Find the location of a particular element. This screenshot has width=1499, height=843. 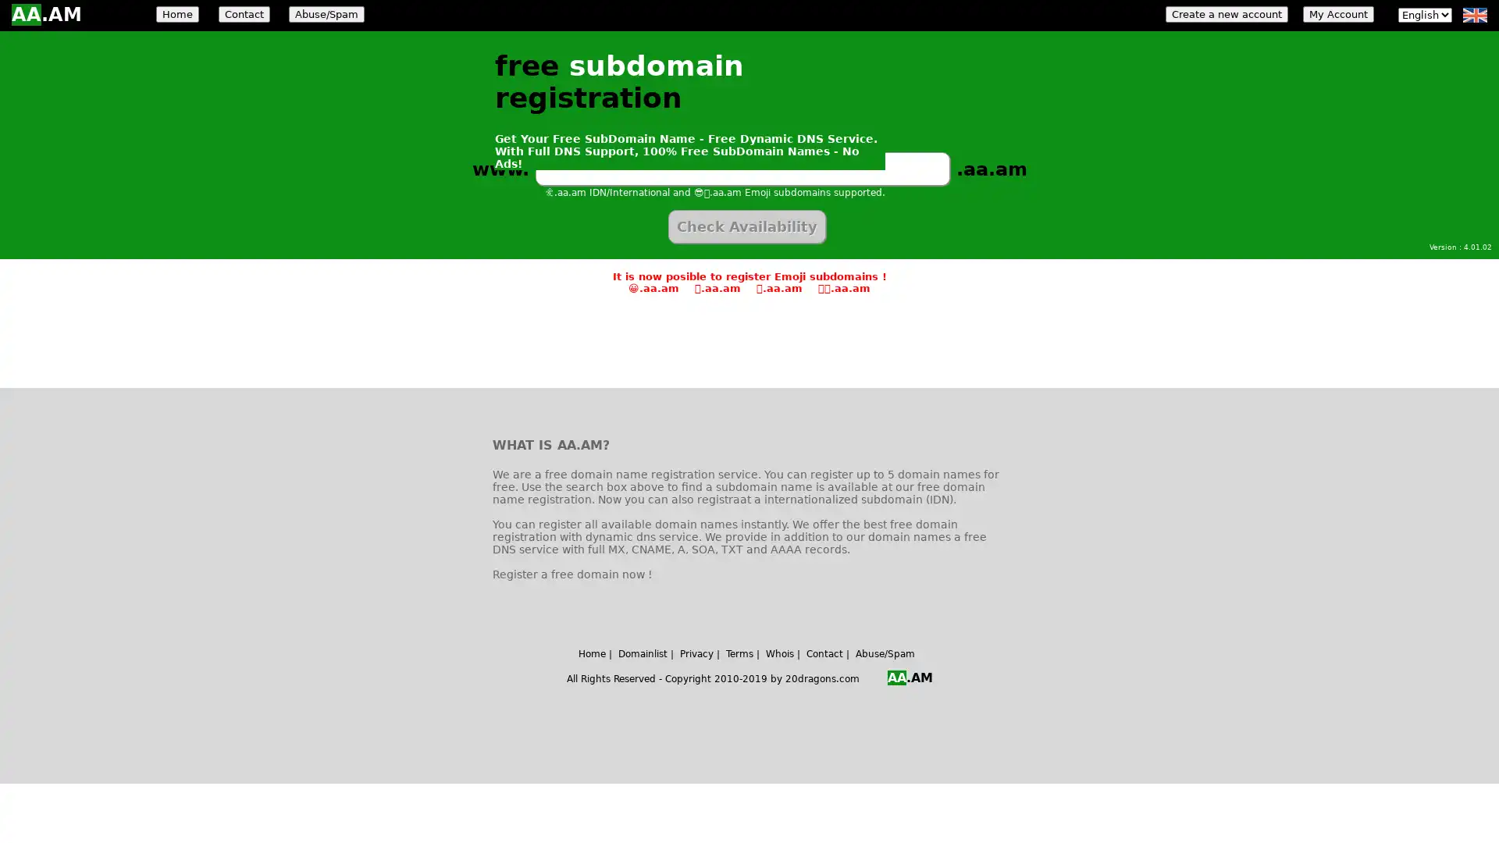

Create a new account is located at coordinates (1226, 14).